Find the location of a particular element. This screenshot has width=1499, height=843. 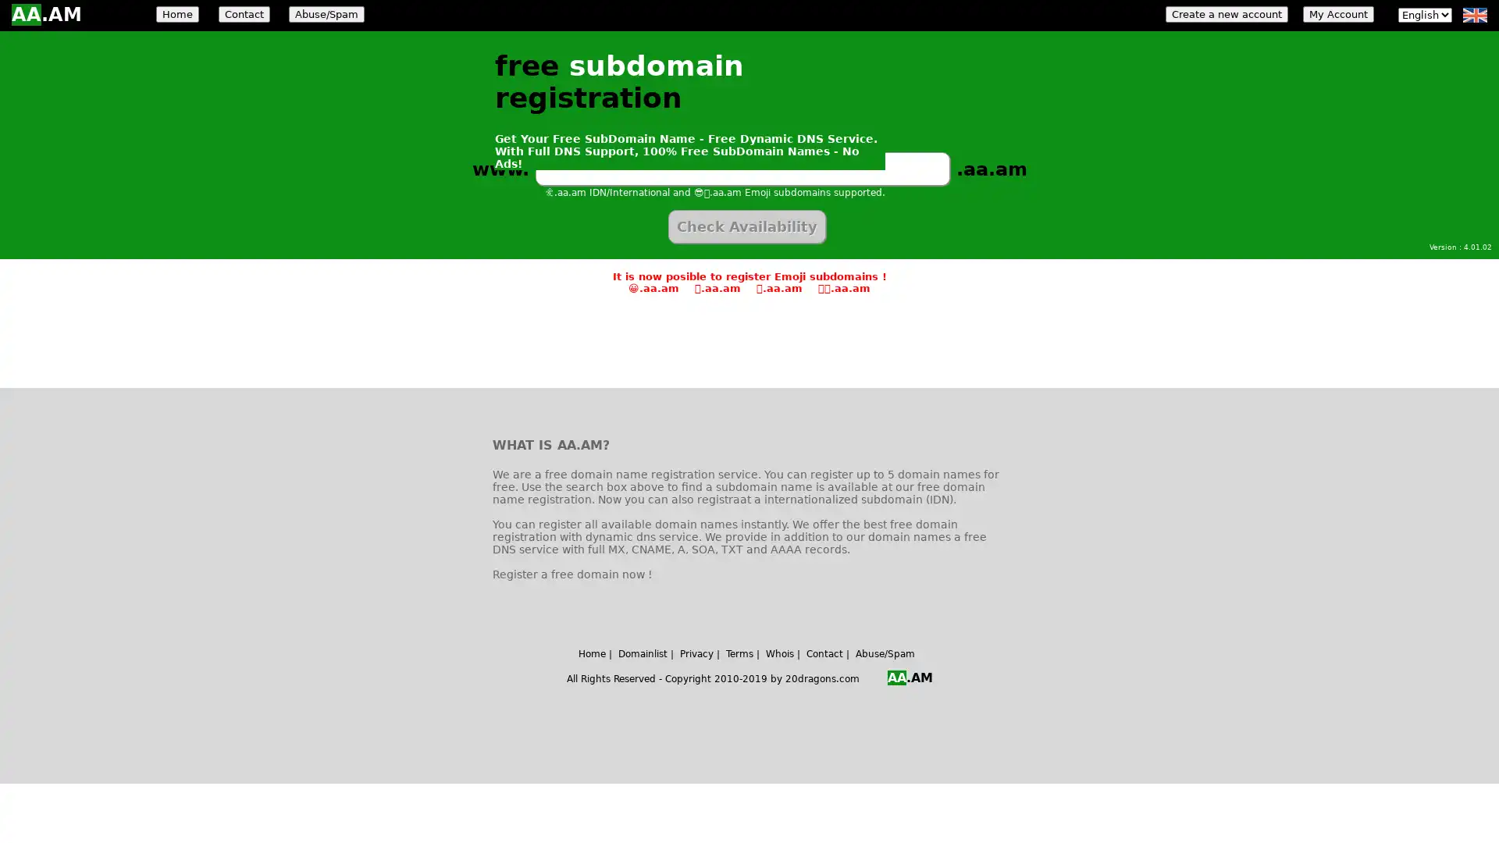

Create a new account is located at coordinates (1226, 14).